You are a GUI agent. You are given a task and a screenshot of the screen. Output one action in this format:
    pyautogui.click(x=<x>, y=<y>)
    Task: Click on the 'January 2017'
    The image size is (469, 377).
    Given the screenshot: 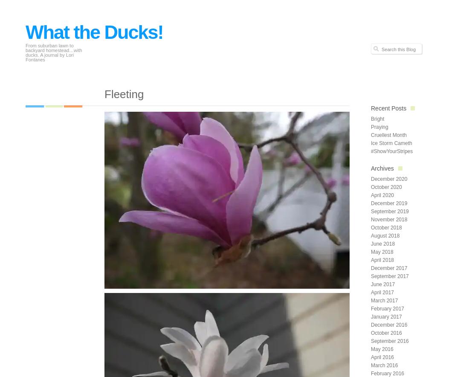 What is the action you would take?
    pyautogui.click(x=386, y=317)
    